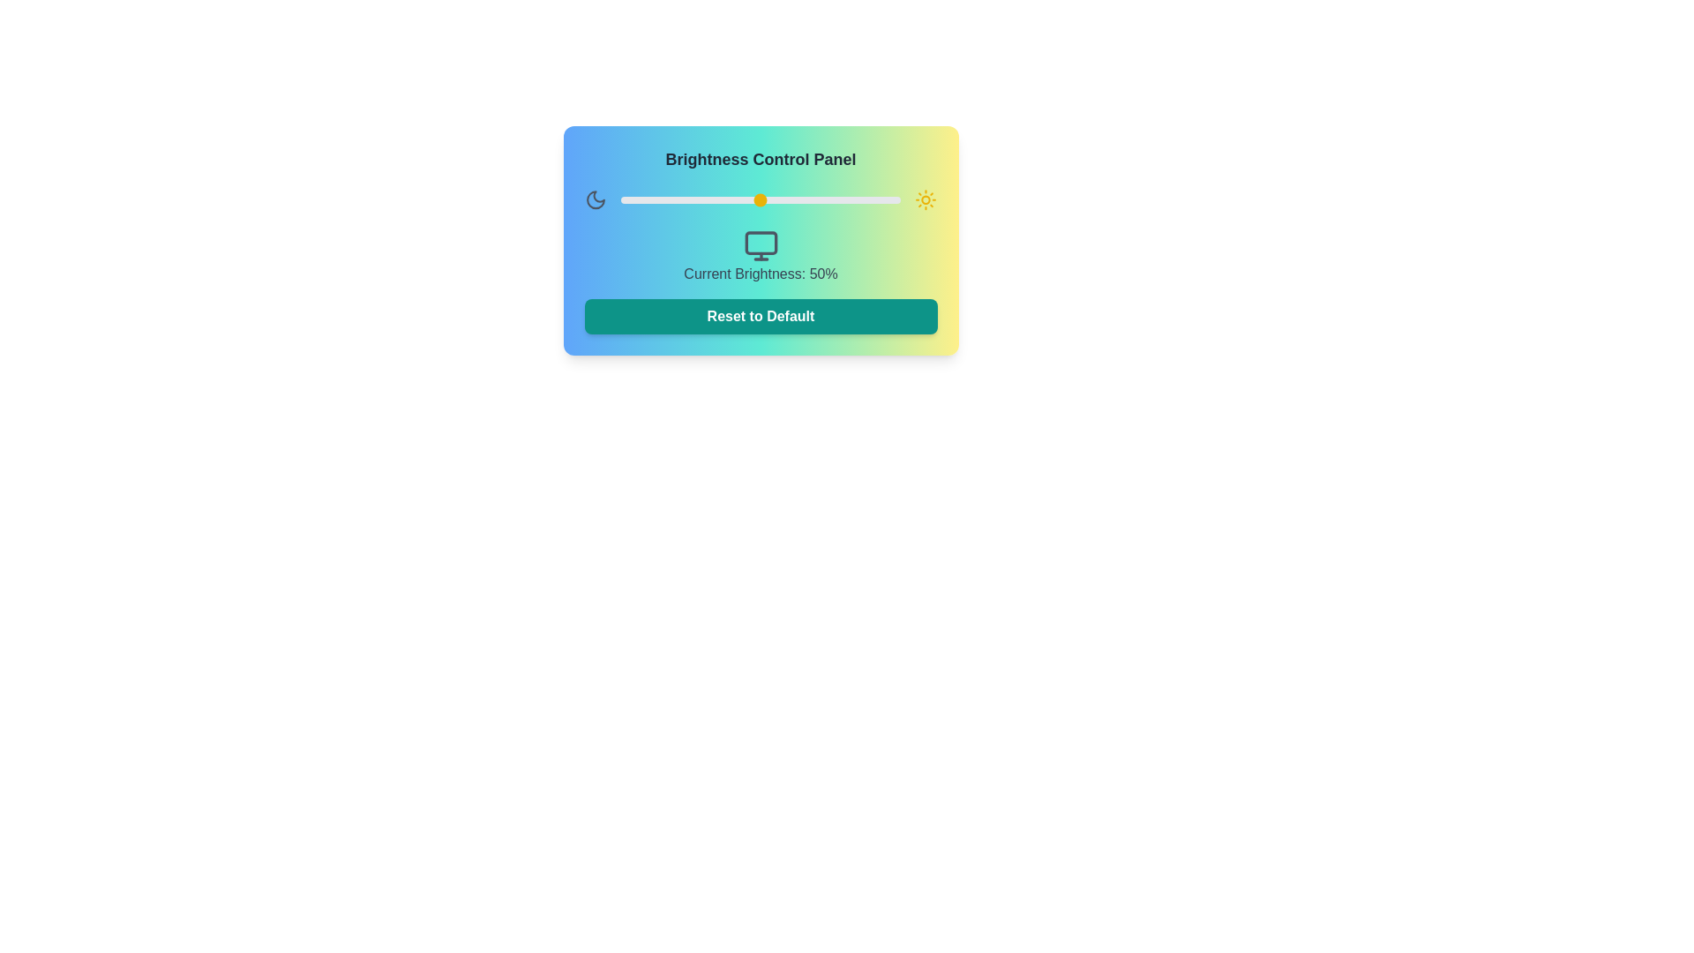  Describe the element at coordinates (761, 315) in the screenshot. I see `the 'Reset to Default' button with a teal background and white bold text to observe the hover effect` at that location.